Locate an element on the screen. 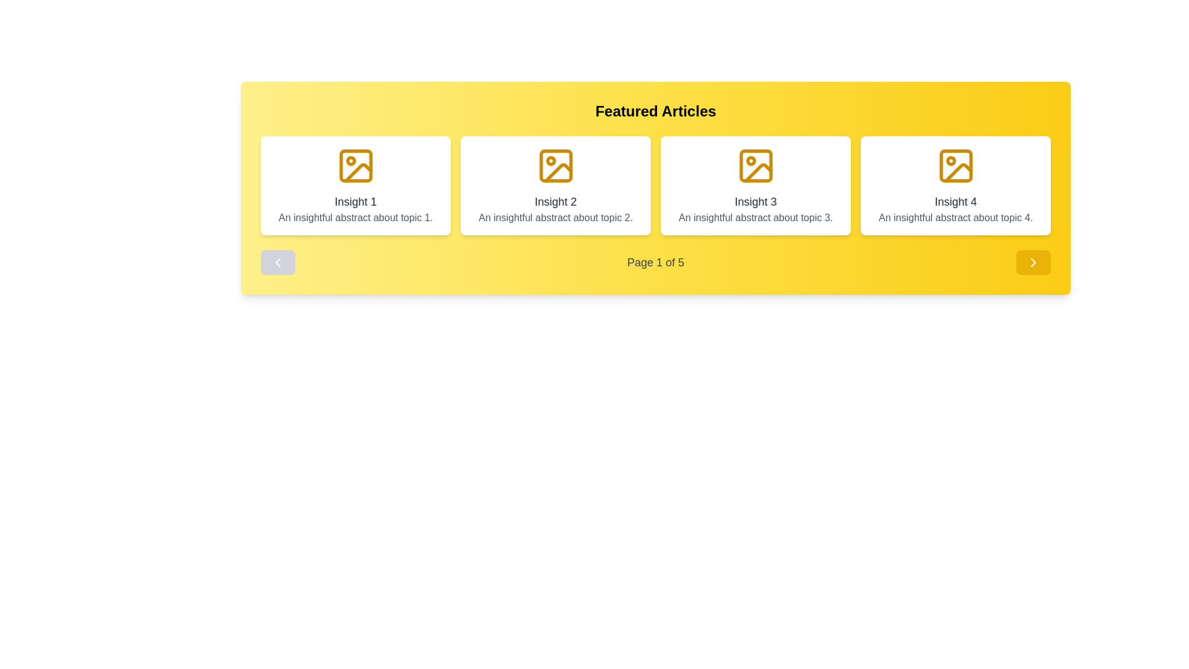  the icon representing 'Insight 1', located at the top-center of the card labeled 'Insight 1' in the 'Featured Articles' section is located at coordinates (355, 165).